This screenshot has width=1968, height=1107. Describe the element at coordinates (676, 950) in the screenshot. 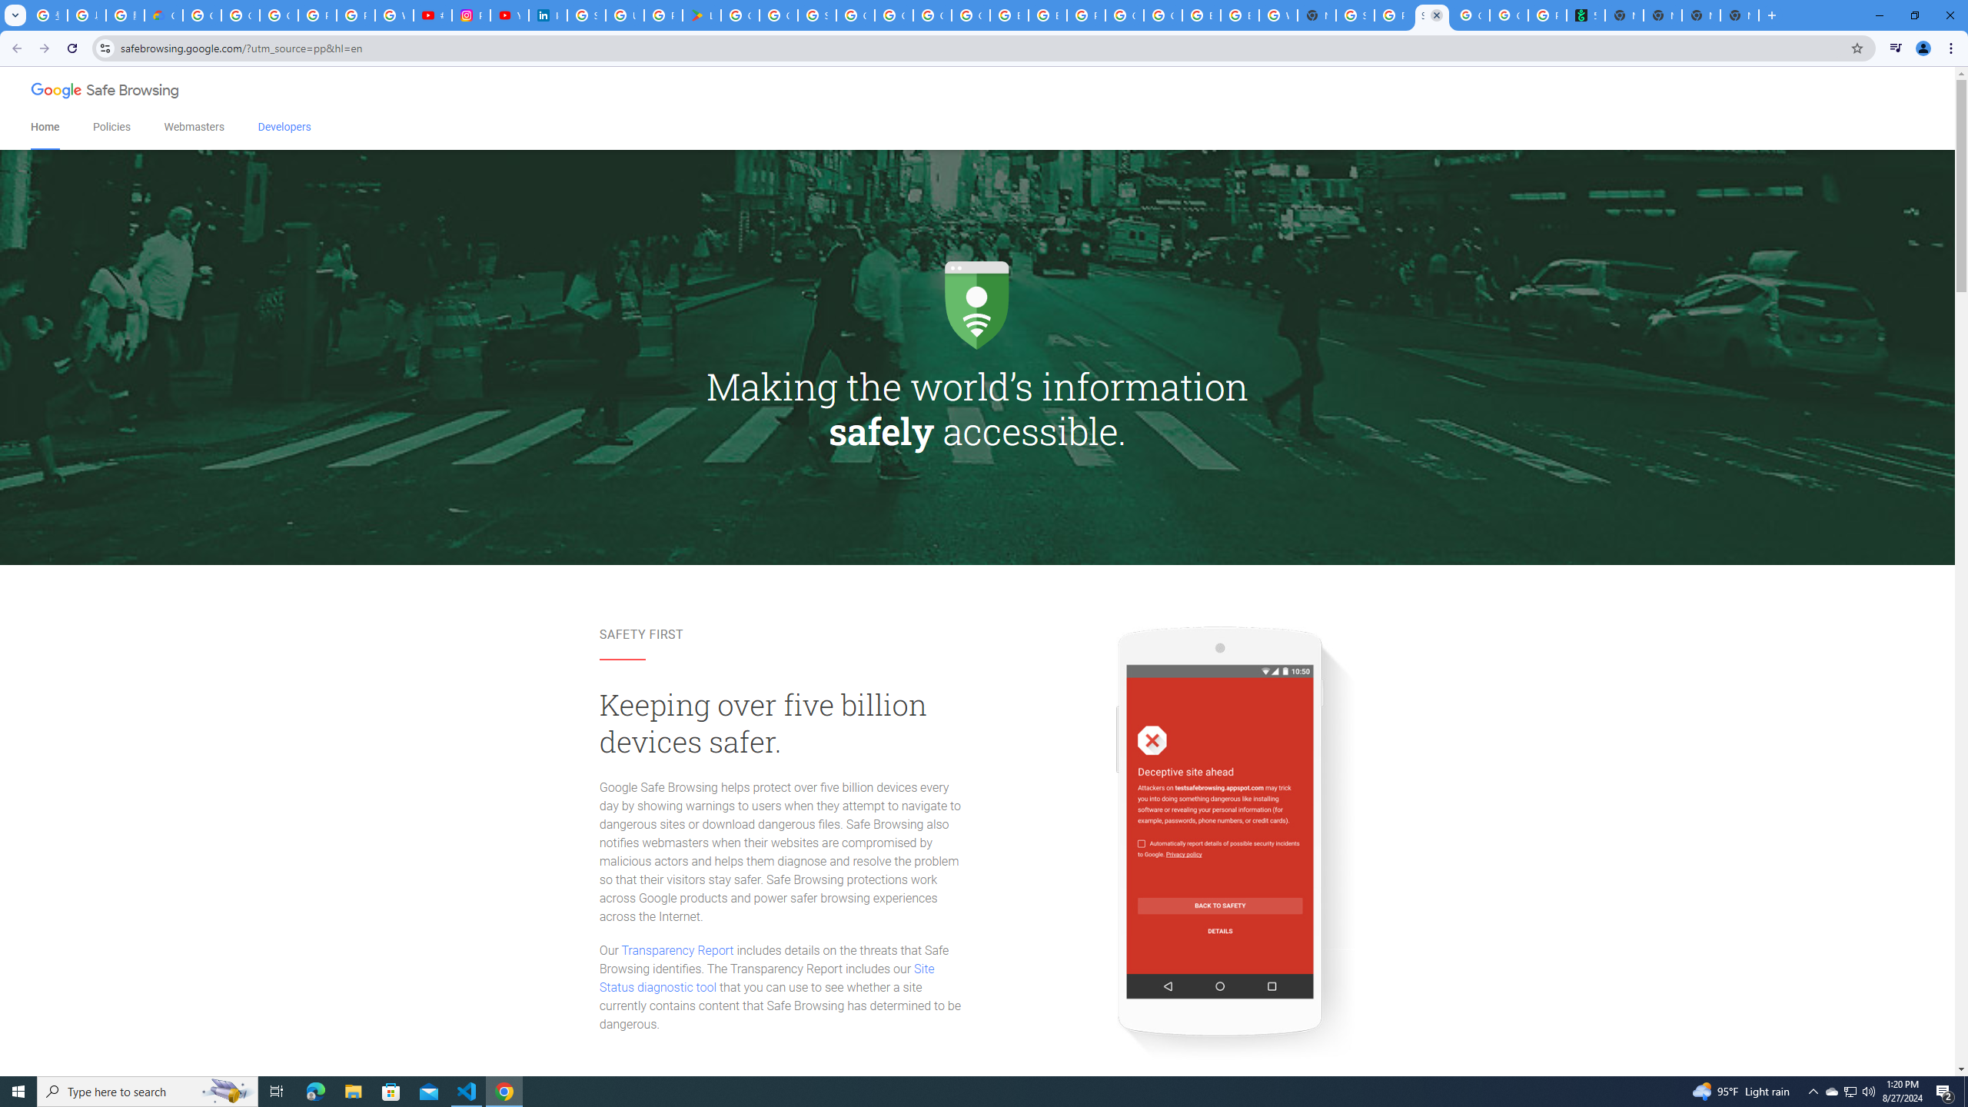

I see `'Transparency Report'` at that location.